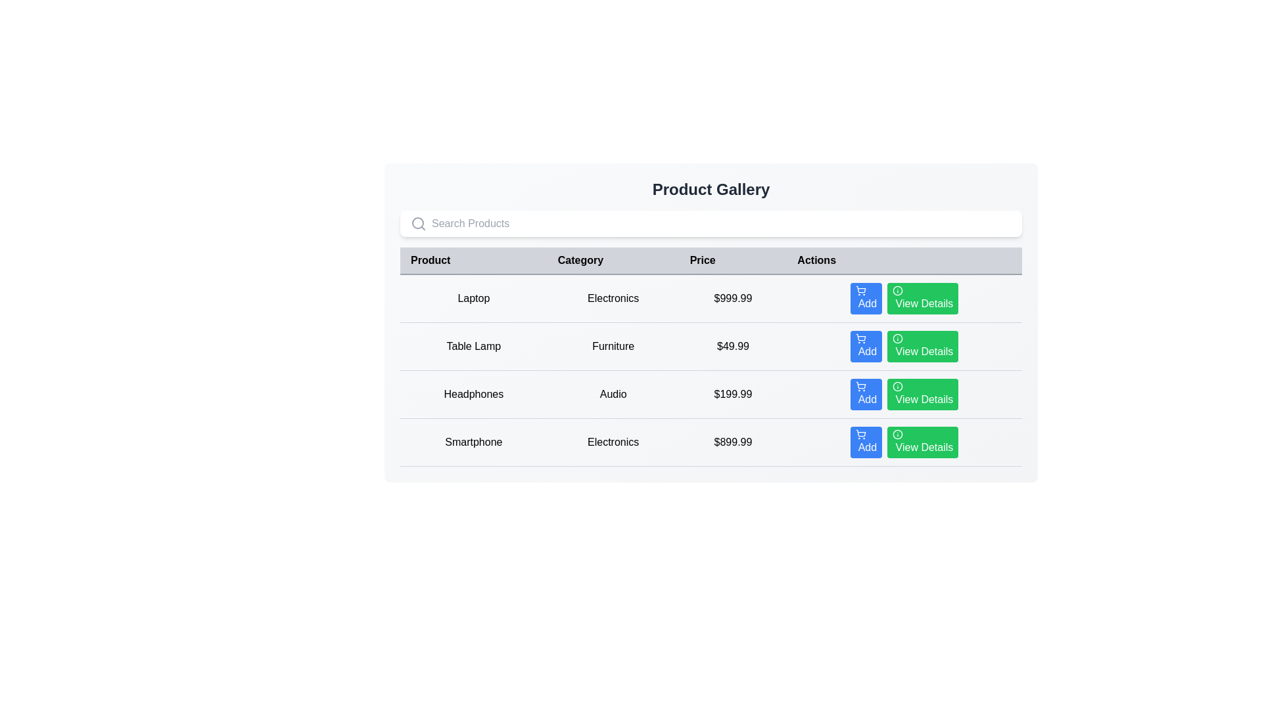 The height and width of the screenshot is (709, 1262). Describe the element at coordinates (732, 394) in the screenshot. I see `the static text display showing the price of 'Headphones' located in the third row of the product list table` at that location.